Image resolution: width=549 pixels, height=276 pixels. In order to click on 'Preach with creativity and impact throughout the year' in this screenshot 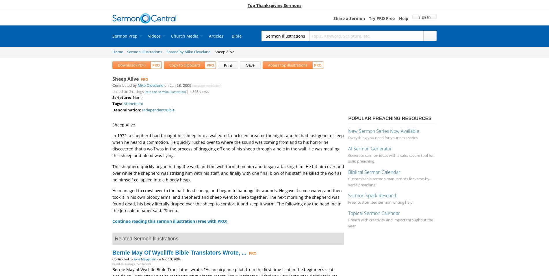, I will do `click(390, 222)`.